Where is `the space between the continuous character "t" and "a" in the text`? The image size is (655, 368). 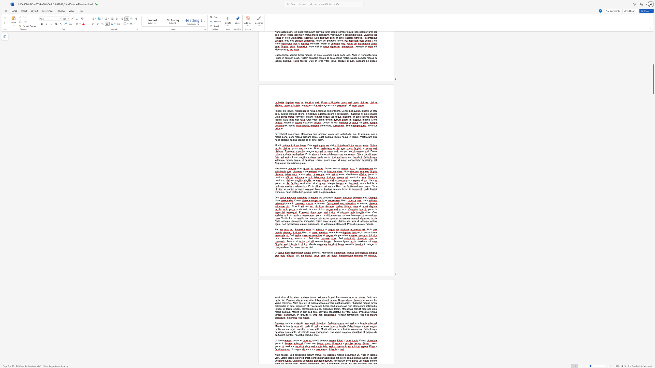 the space between the continuous character "t" and "a" in the text is located at coordinates (301, 209).